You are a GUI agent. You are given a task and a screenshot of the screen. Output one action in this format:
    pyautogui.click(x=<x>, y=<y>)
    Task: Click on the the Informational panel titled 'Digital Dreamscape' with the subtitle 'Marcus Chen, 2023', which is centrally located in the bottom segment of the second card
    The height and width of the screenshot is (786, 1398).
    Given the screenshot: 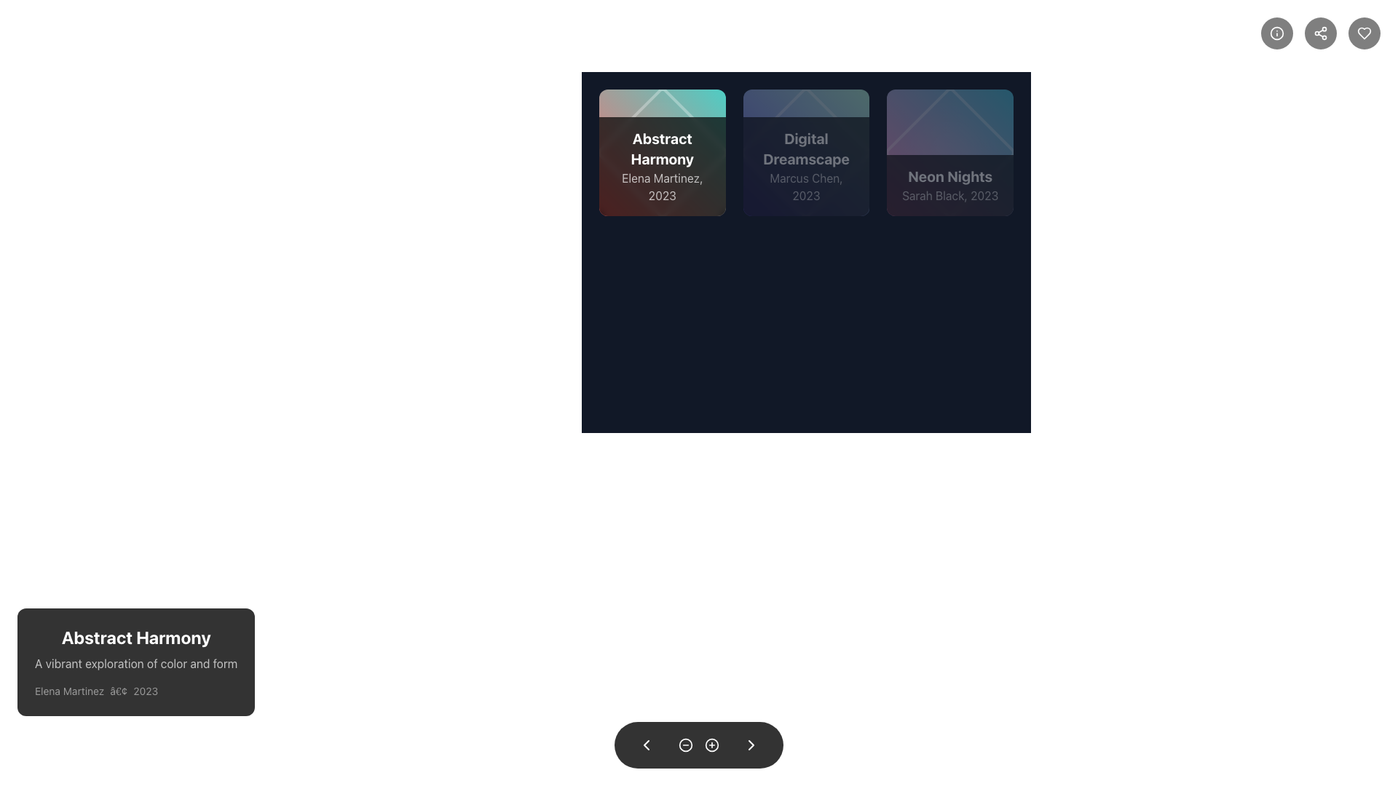 What is the action you would take?
    pyautogui.click(x=805, y=165)
    